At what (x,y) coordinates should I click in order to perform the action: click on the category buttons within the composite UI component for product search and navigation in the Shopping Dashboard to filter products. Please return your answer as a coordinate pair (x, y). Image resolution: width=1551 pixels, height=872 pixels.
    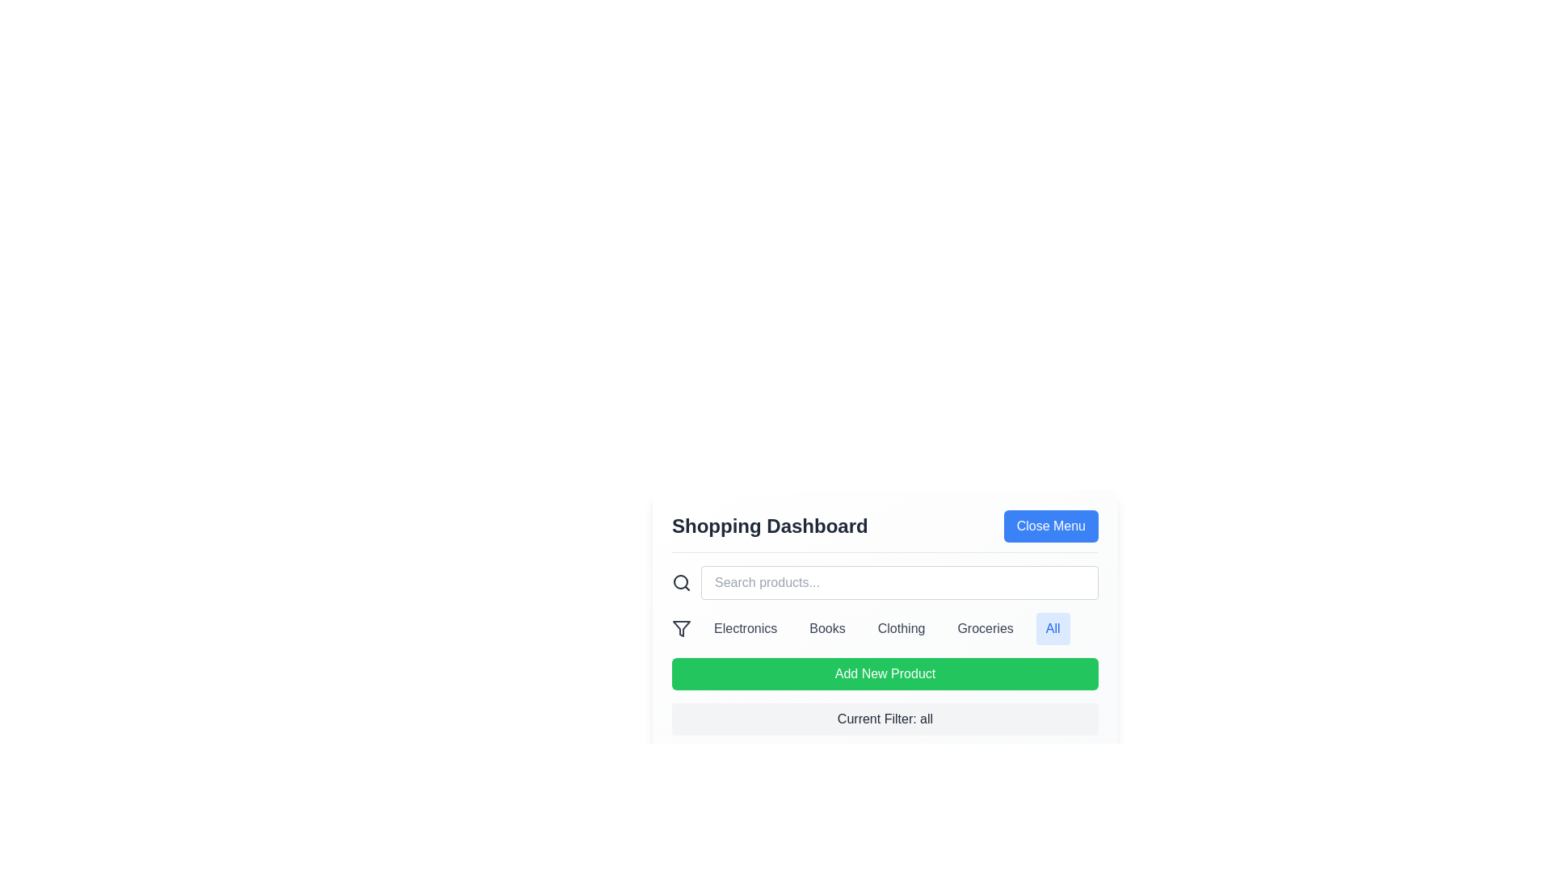
    Looking at the image, I should click on (884, 627).